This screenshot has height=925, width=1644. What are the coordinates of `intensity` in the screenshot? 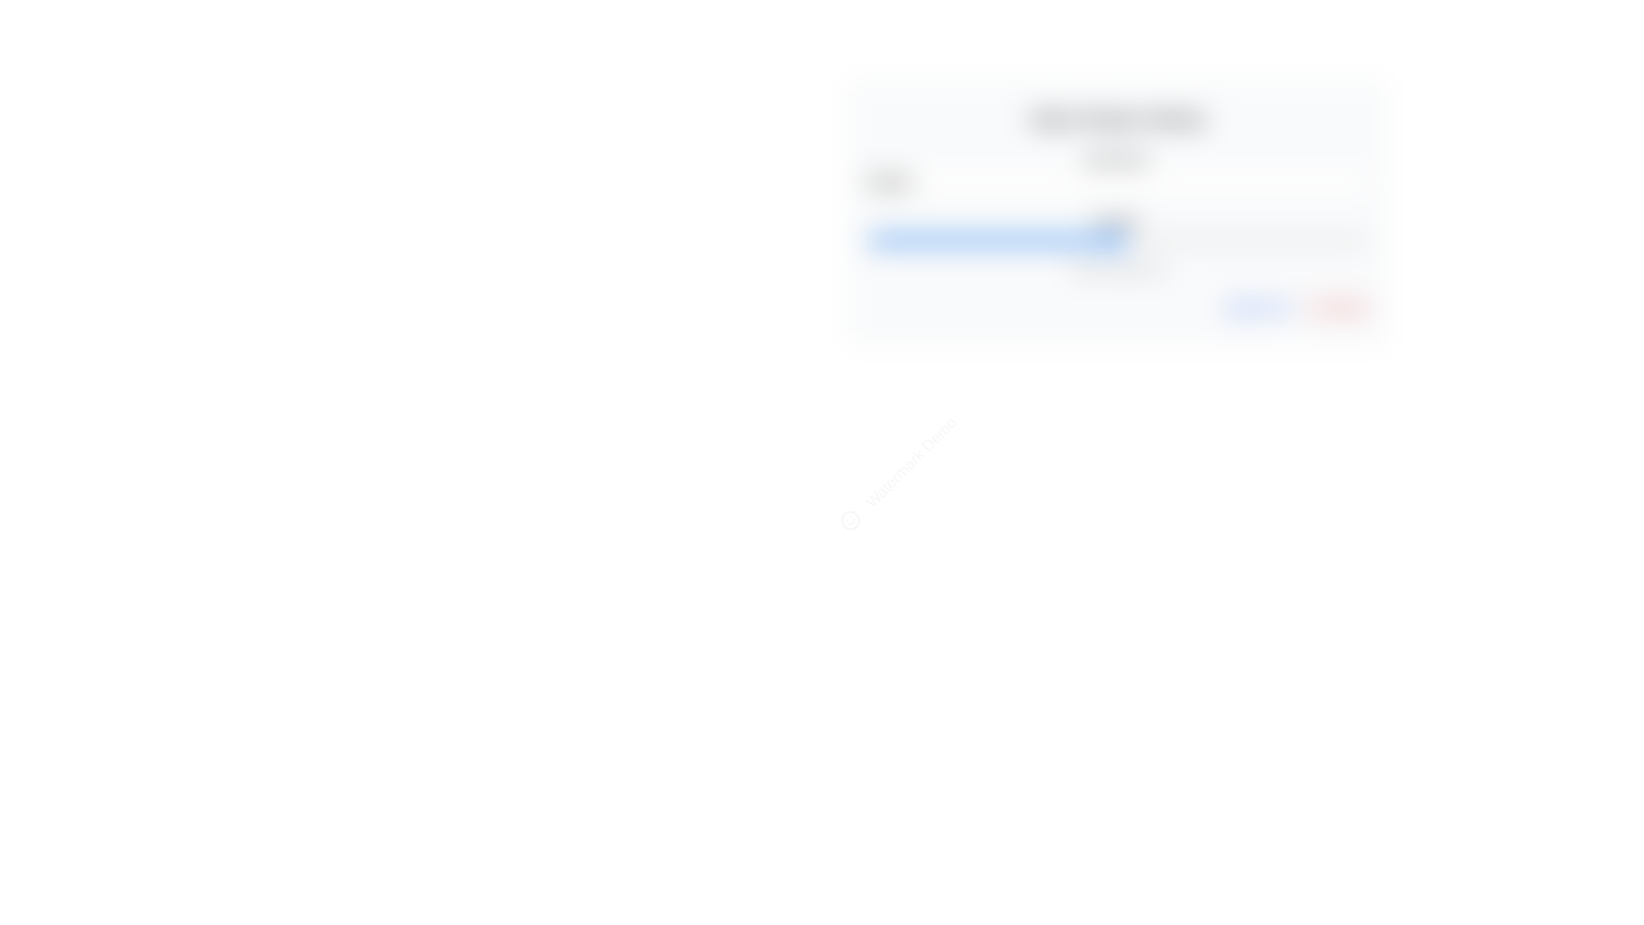 It's located at (1022, 241).